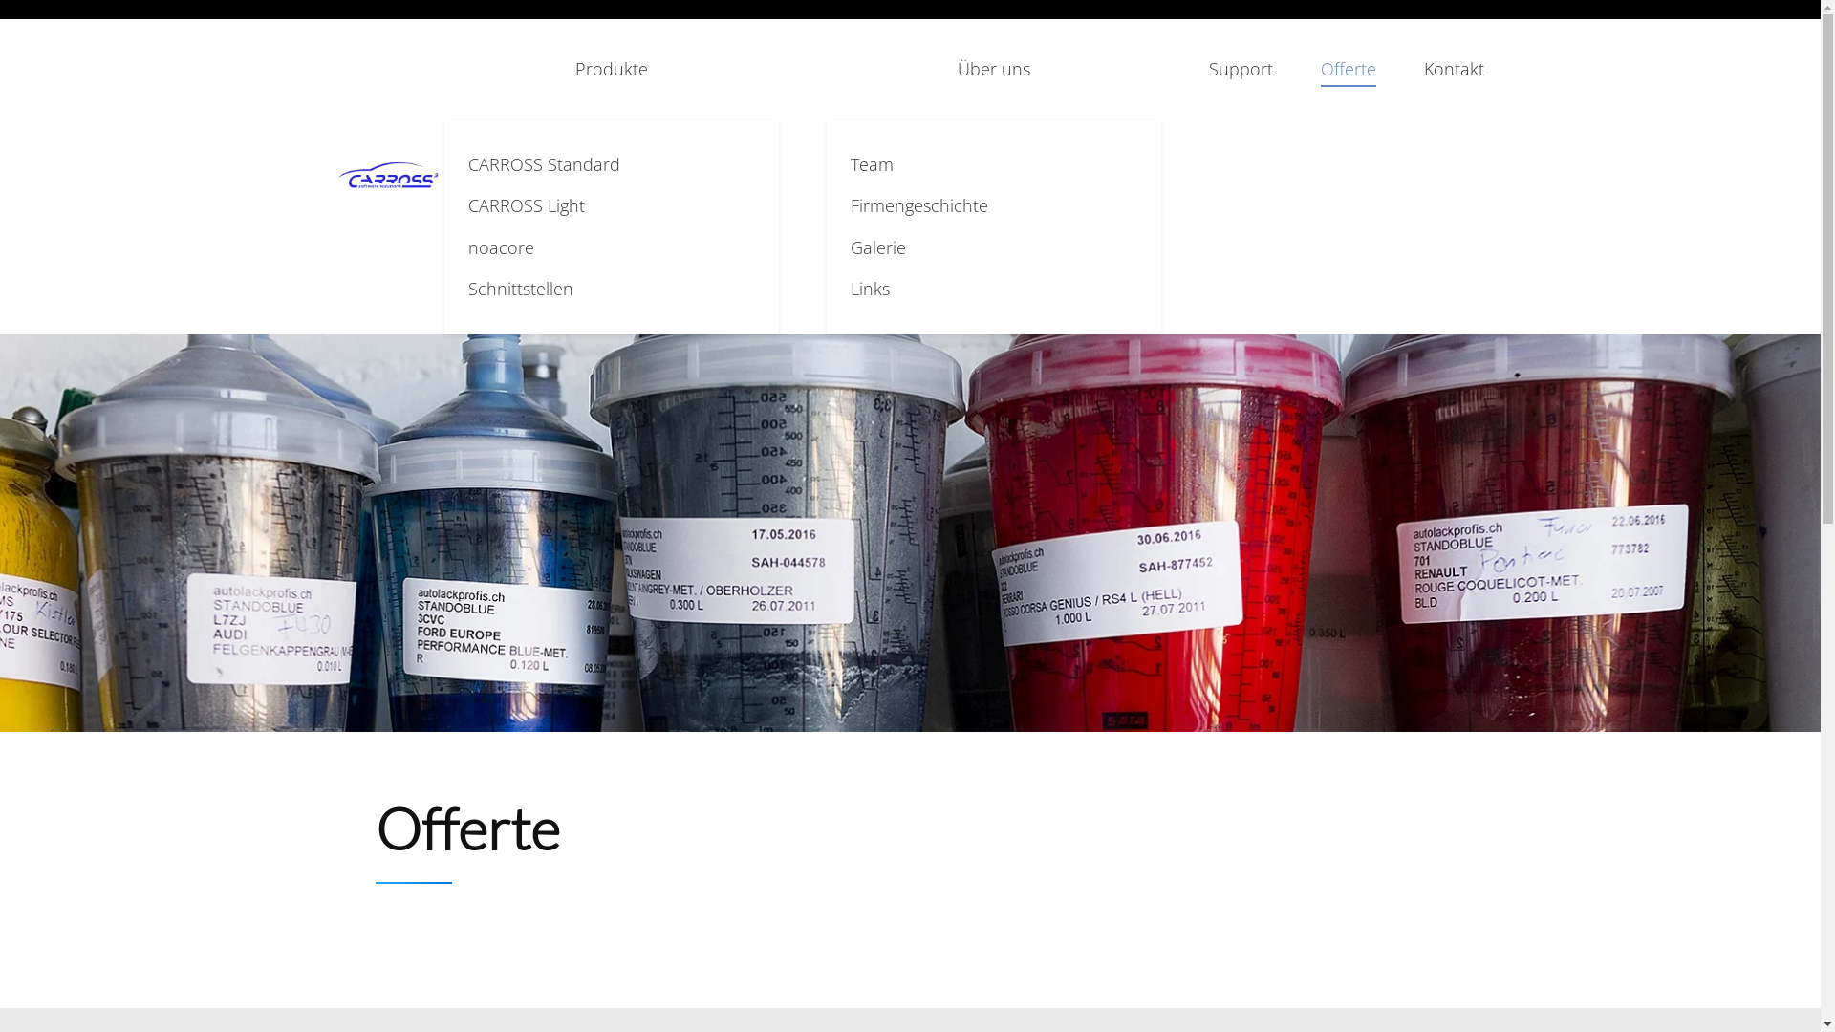 The width and height of the screenshot is (1835, 1032). Describe the element at coordinates (1348, 69) in the screenshot. I see `'Offerte'` at that location.